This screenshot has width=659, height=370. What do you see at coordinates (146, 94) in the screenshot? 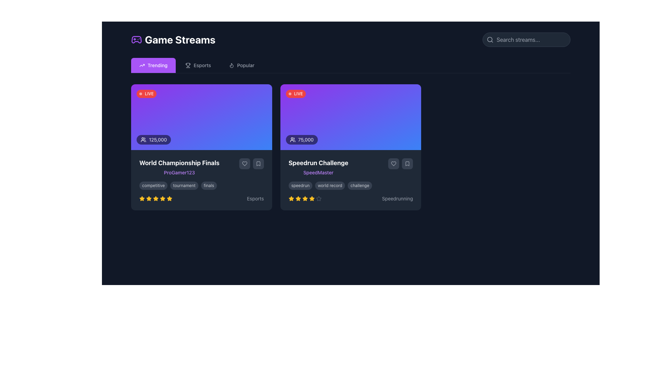
I see `the live status indicator badge located at the top-left corner of the first game stream card, which indicates that the stream is currently live` at bounding box center [146, 94].